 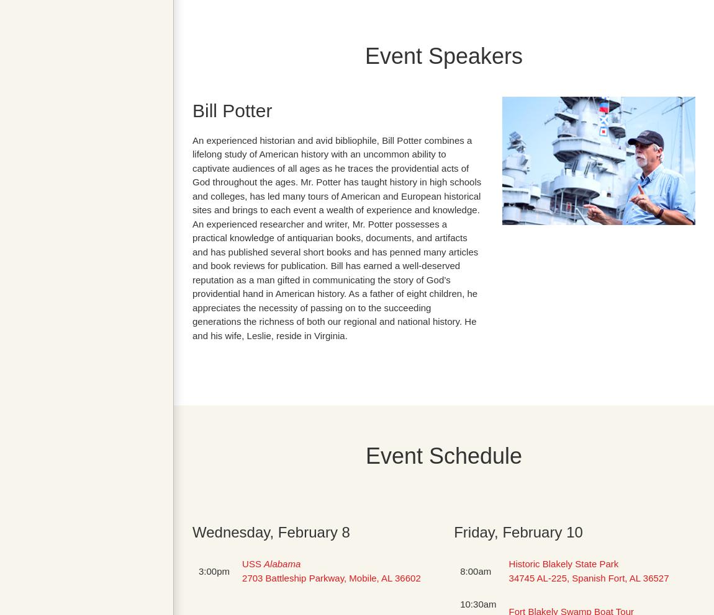 I want to click on '3:00pm', so click(x=199, y=570).